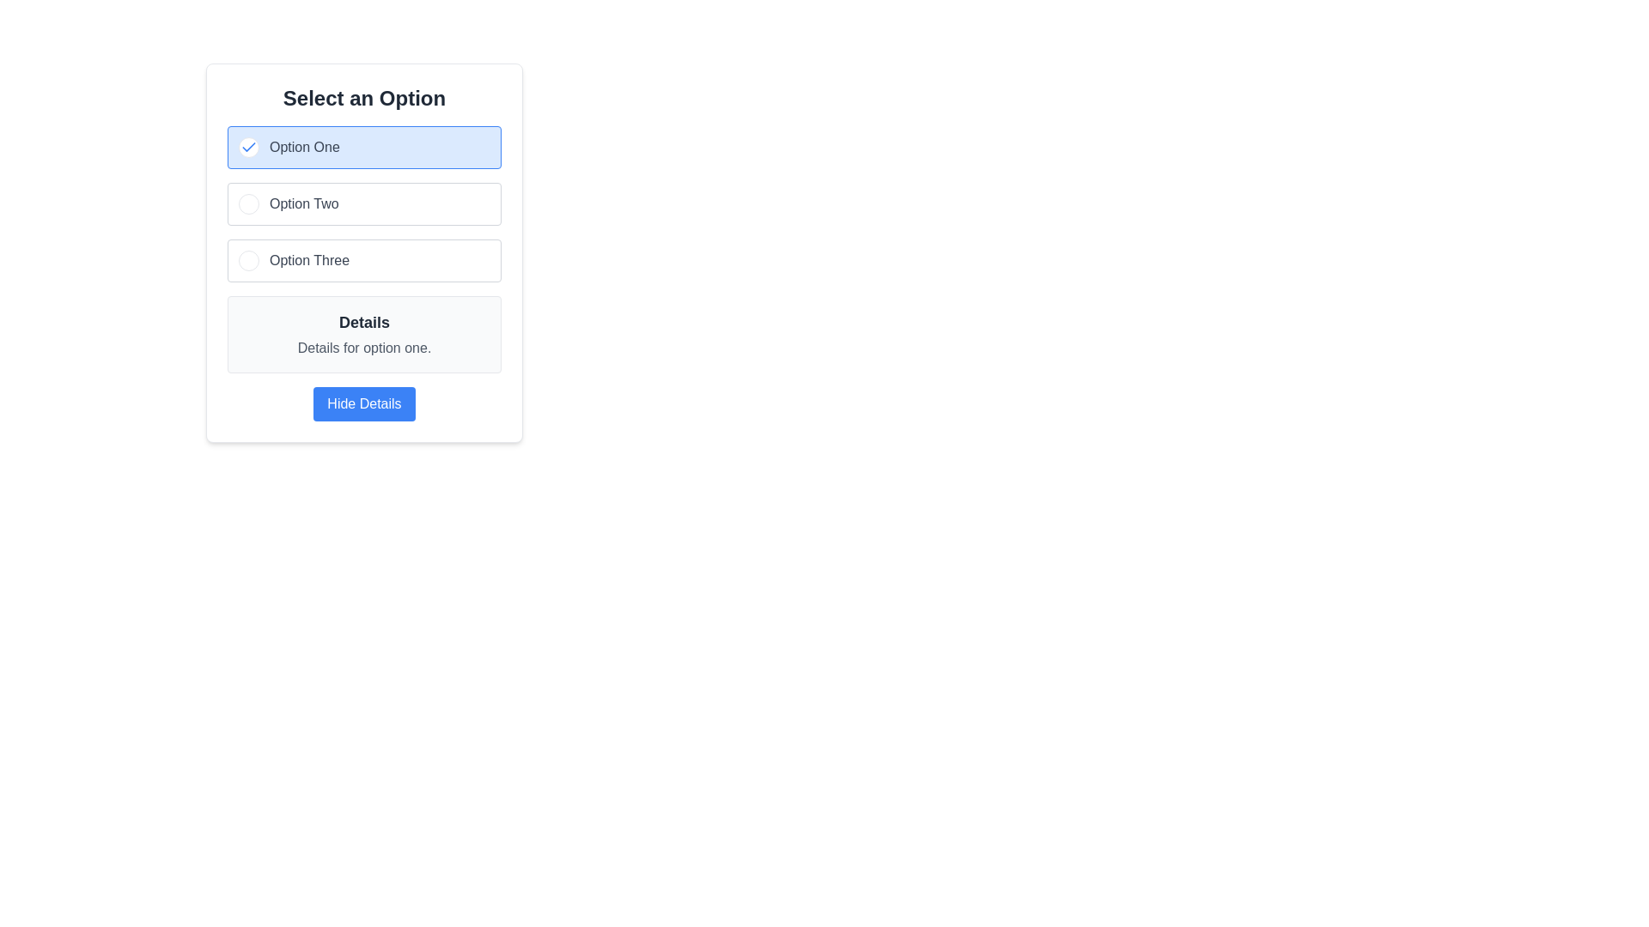  Describe the element at coordinates (363, 203) in the screenshot. I see `the radio button group containing 'Option One', 'Option Two', and 'Option Three' for more information` at that location.